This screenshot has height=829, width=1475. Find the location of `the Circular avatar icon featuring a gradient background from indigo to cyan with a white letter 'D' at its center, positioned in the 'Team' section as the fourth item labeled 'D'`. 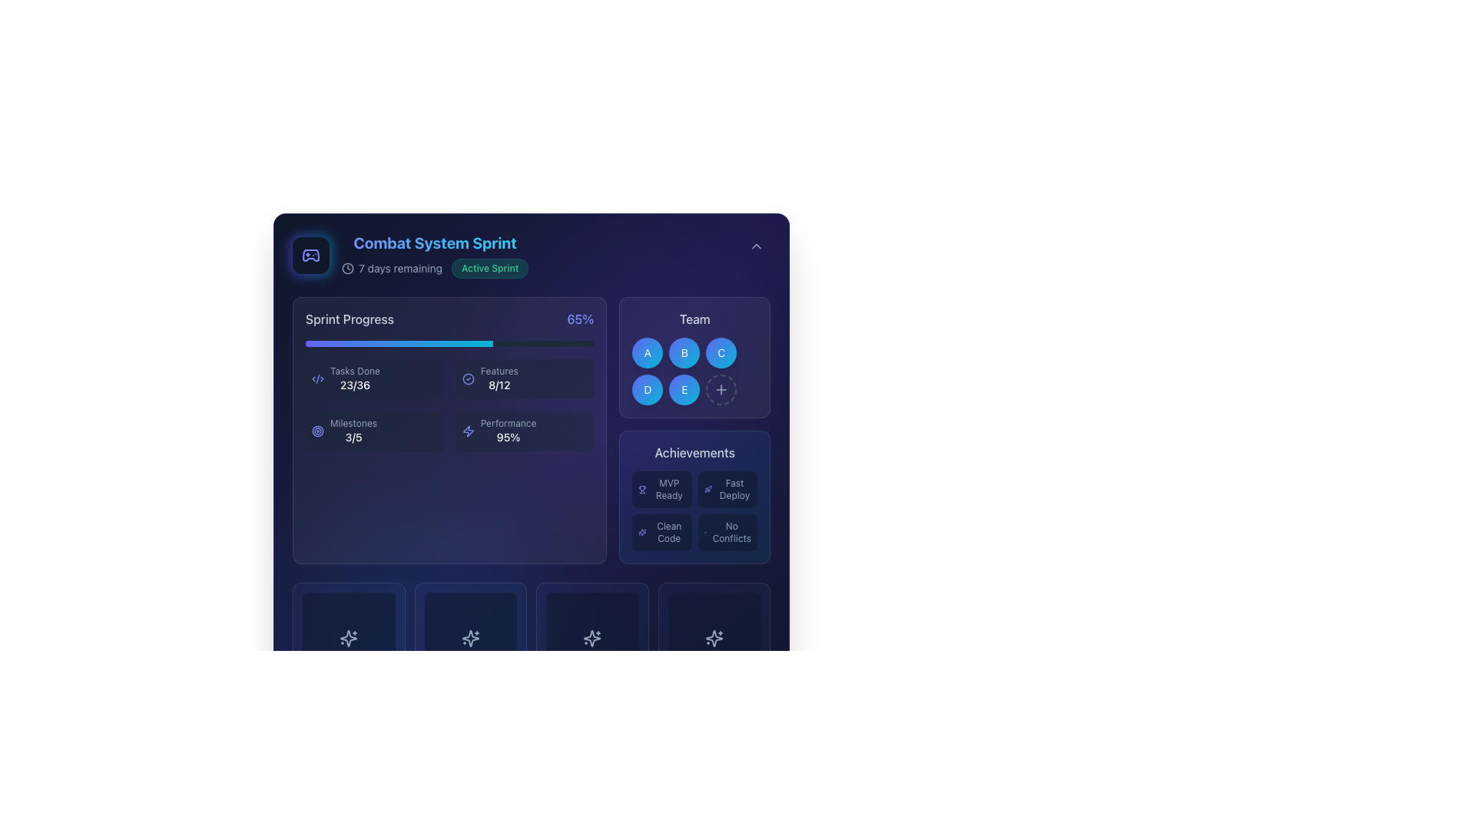

the Circular avatar icon featuring a gradient background from indigo to cyan with a white letter 'D' at its center, positioned in the 'Team' section as the fourth item labeled 'D' is located at coordinates (648, 389).